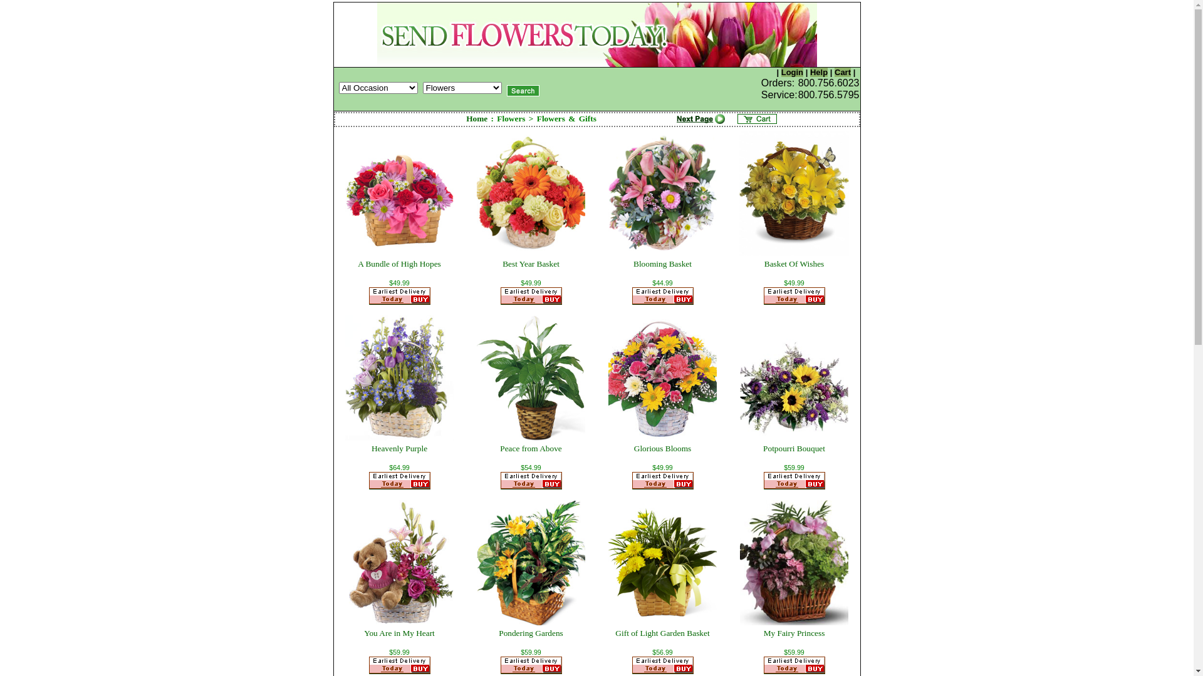  What do you see at coordinates (842, 72) in the screenshot?
I see `'Cart'` at bounding box center [842, 72].